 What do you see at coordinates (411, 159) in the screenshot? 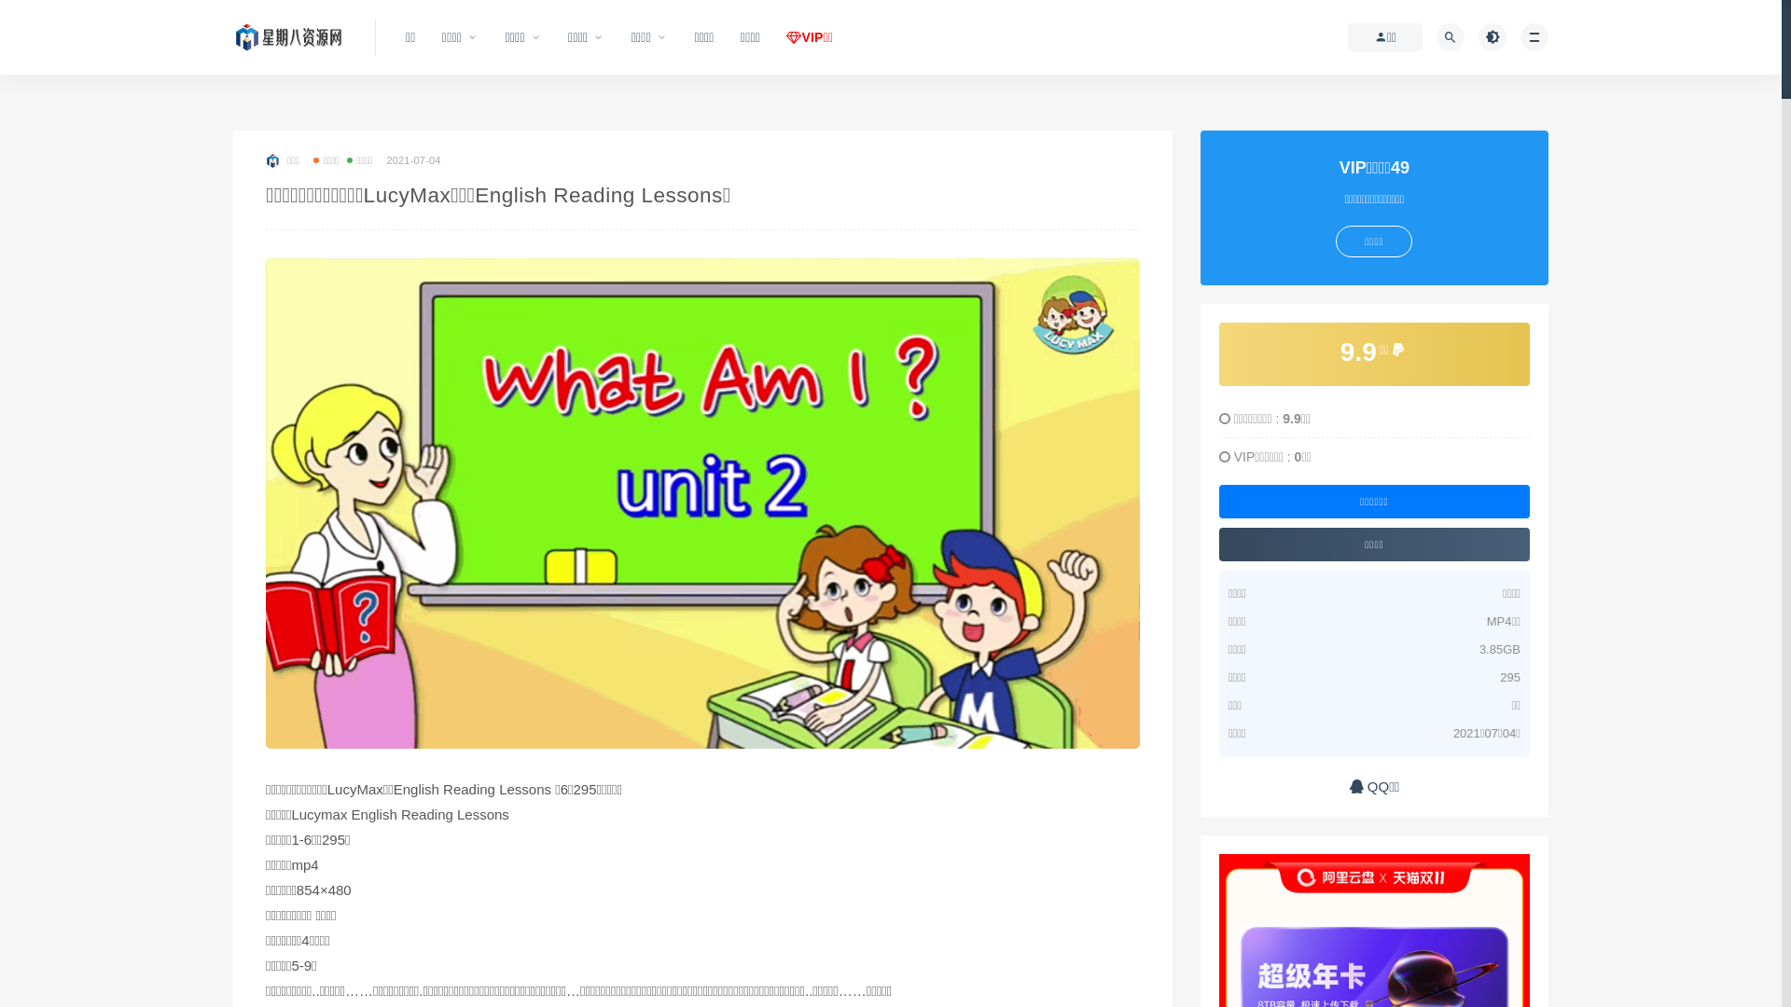
I see `'2021-07-04'` at bounding box center [411, 159].